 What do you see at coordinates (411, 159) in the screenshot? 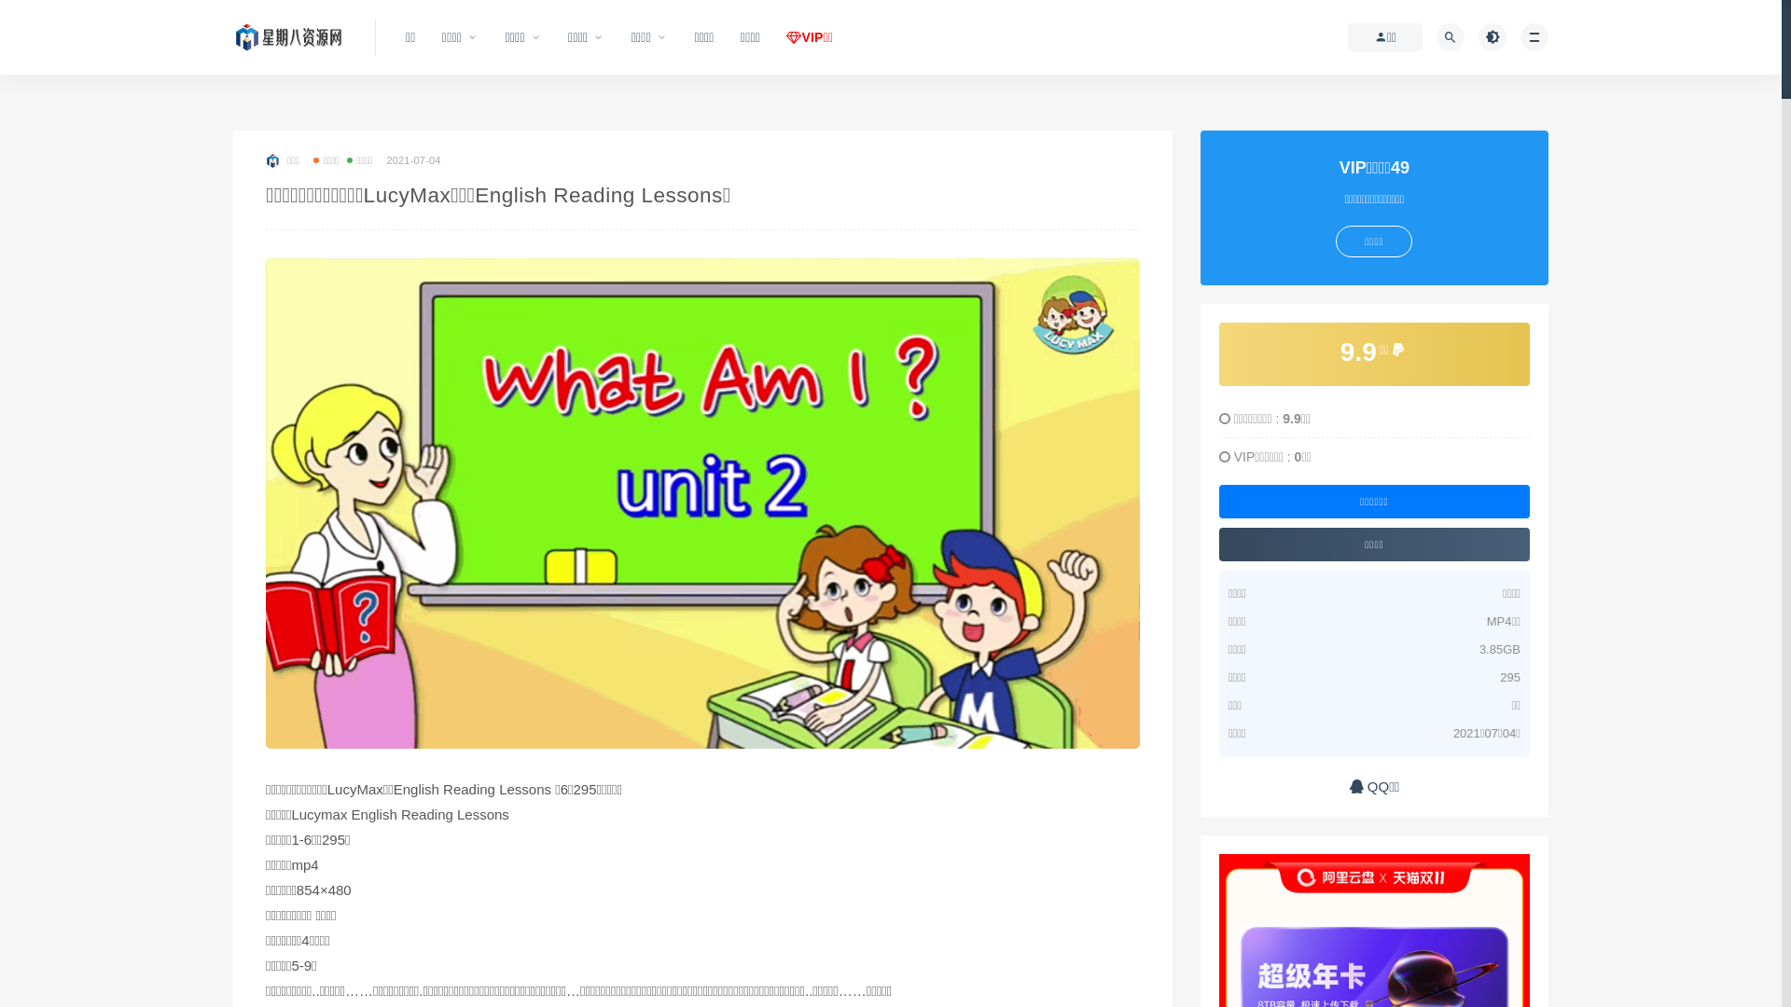
I see `'2021-07-04'` at bounding box center [411, 159].